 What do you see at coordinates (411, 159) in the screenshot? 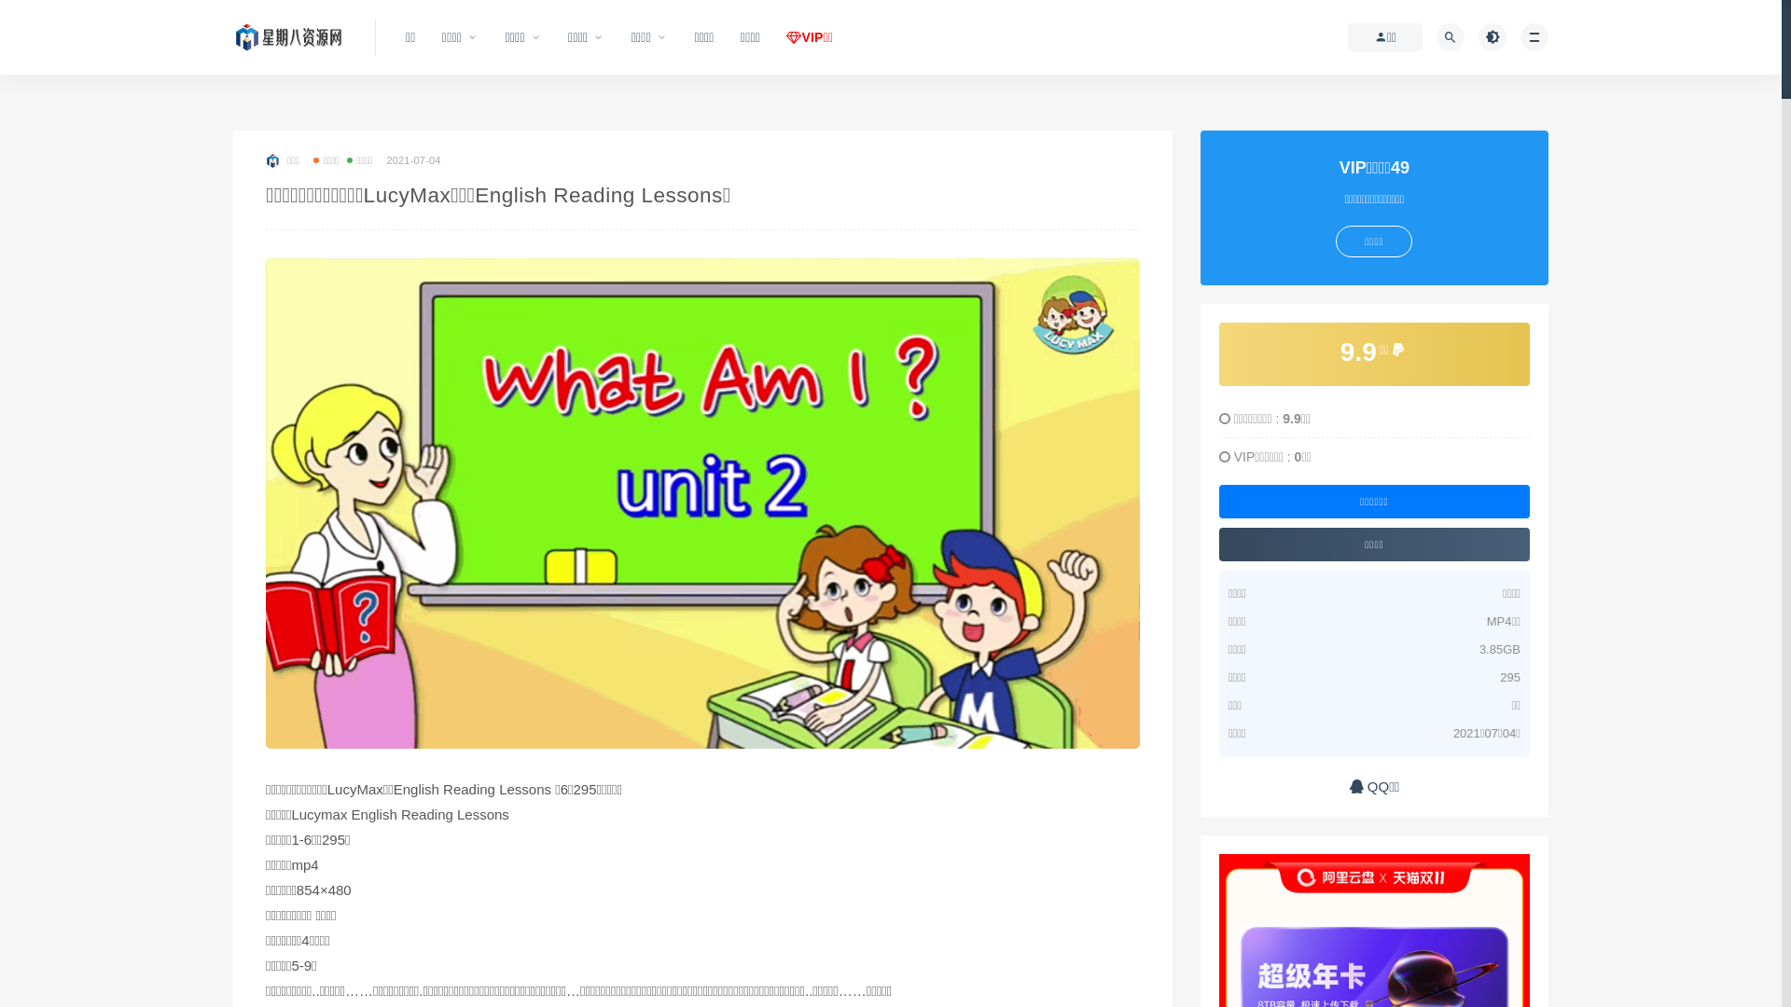
I see `'2021-07-04'` at bounding box center [411, 159].